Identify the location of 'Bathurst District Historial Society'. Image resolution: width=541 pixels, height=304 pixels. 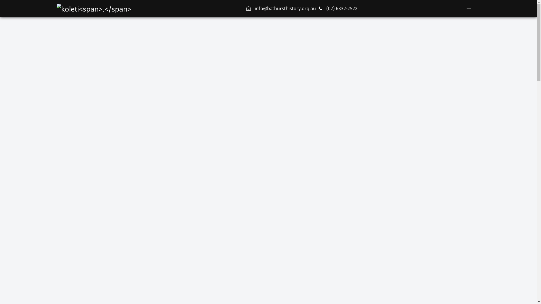
(56, 8).